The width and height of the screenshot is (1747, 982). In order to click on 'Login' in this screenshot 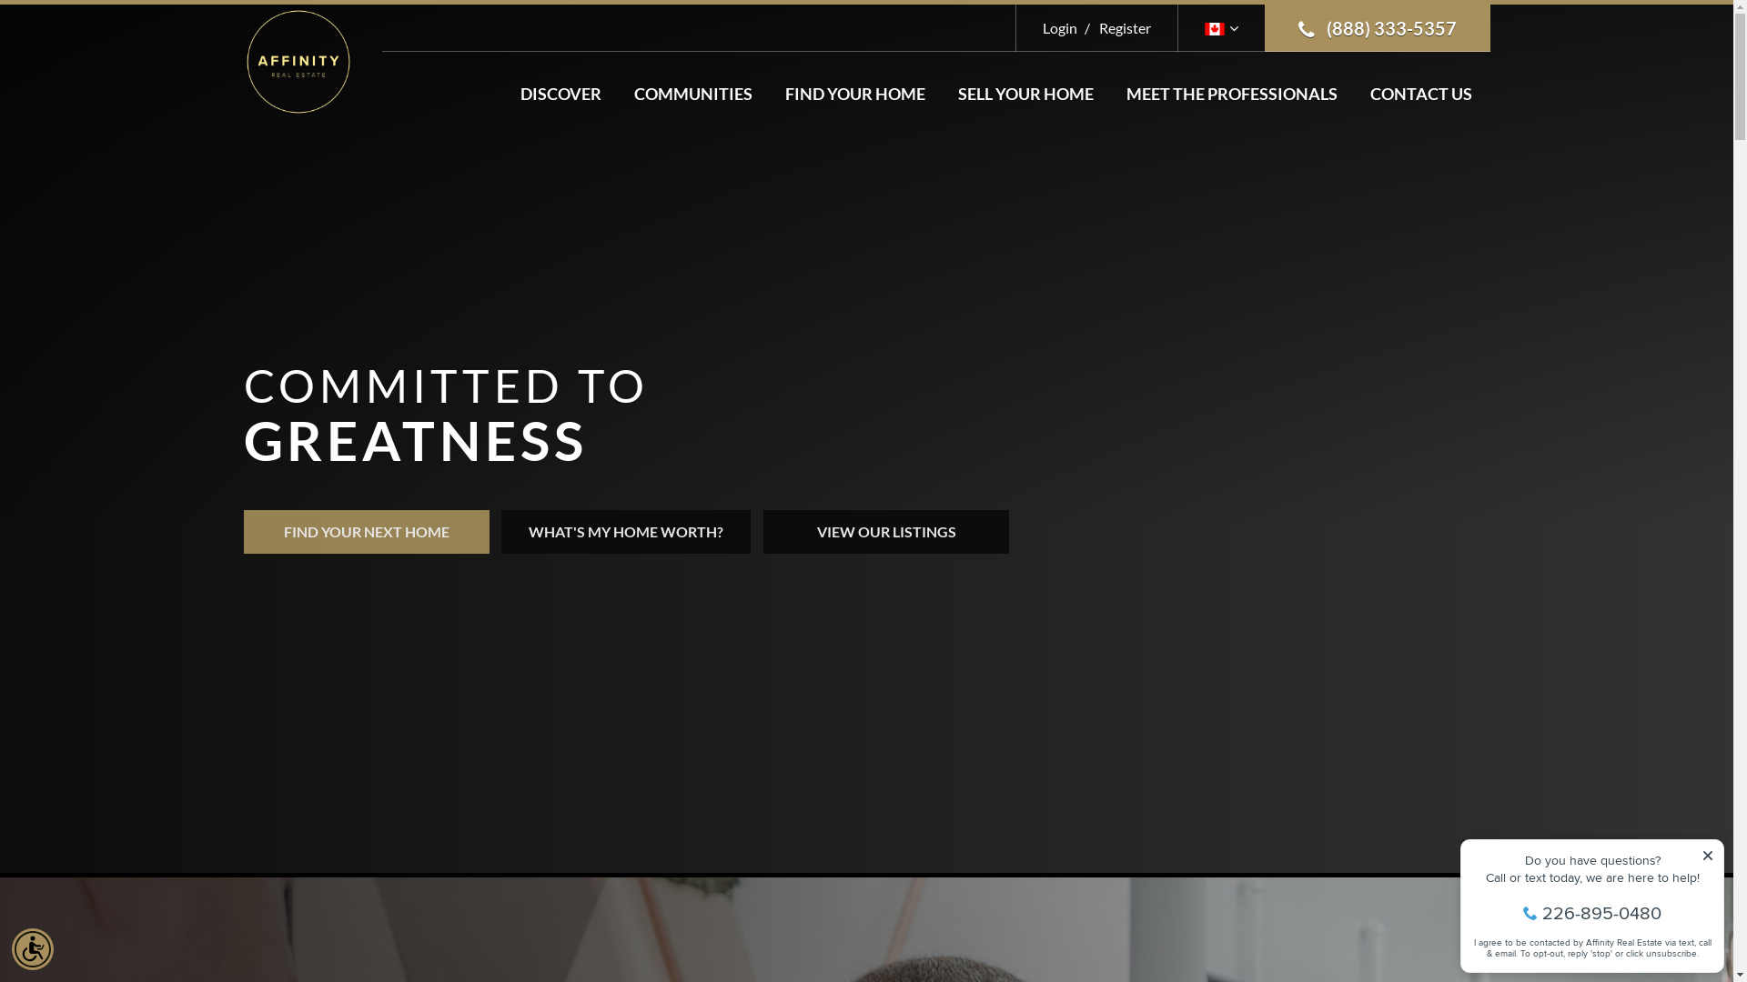, I will do `click(1060, 27)`.